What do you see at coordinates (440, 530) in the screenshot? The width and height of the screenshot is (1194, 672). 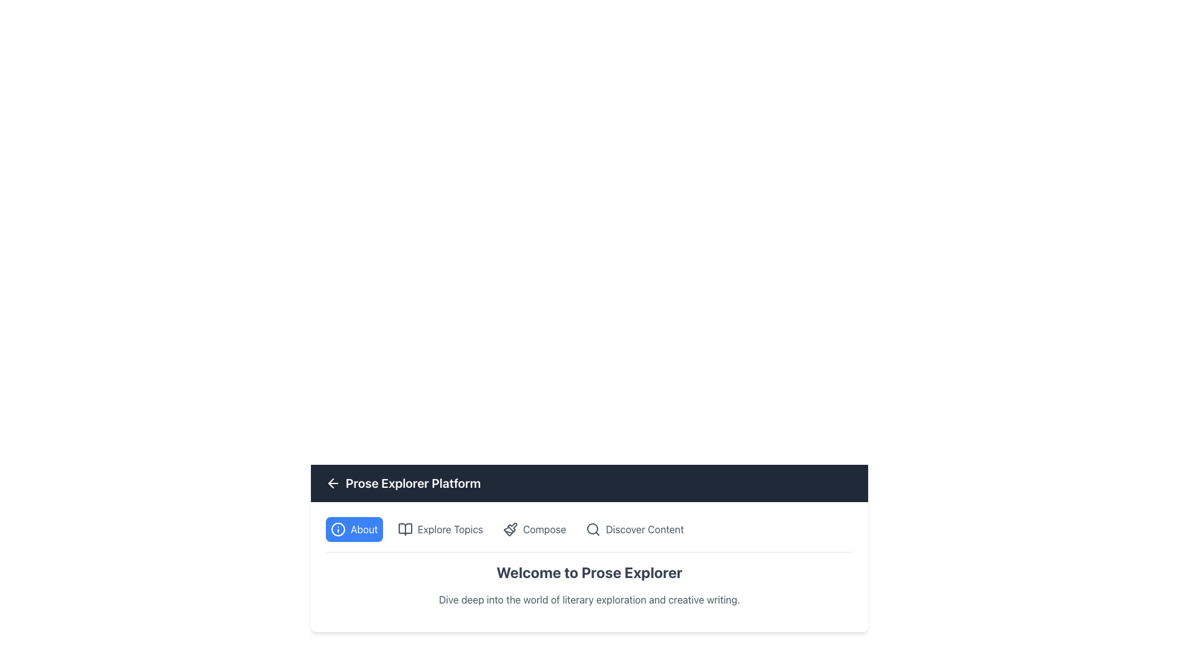 I see `the navigation button located in the horizontal menu beneath the 'Prose Explorer Platform' header` at bounding box center [440, 530].